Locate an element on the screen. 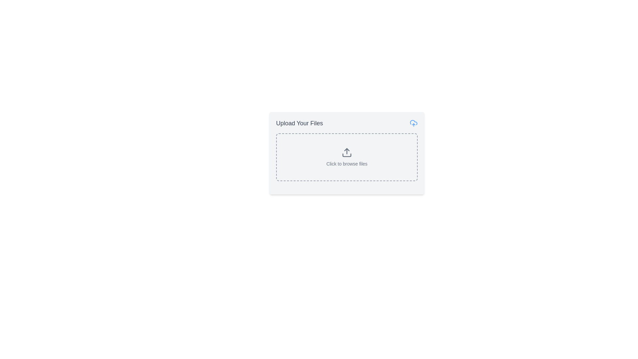 The height and width of the screenshot is (359, 638). the base part of the upload icon component, which is located near the center of the file upload interface, below the upward arrow is located at coordinates (346, 155).